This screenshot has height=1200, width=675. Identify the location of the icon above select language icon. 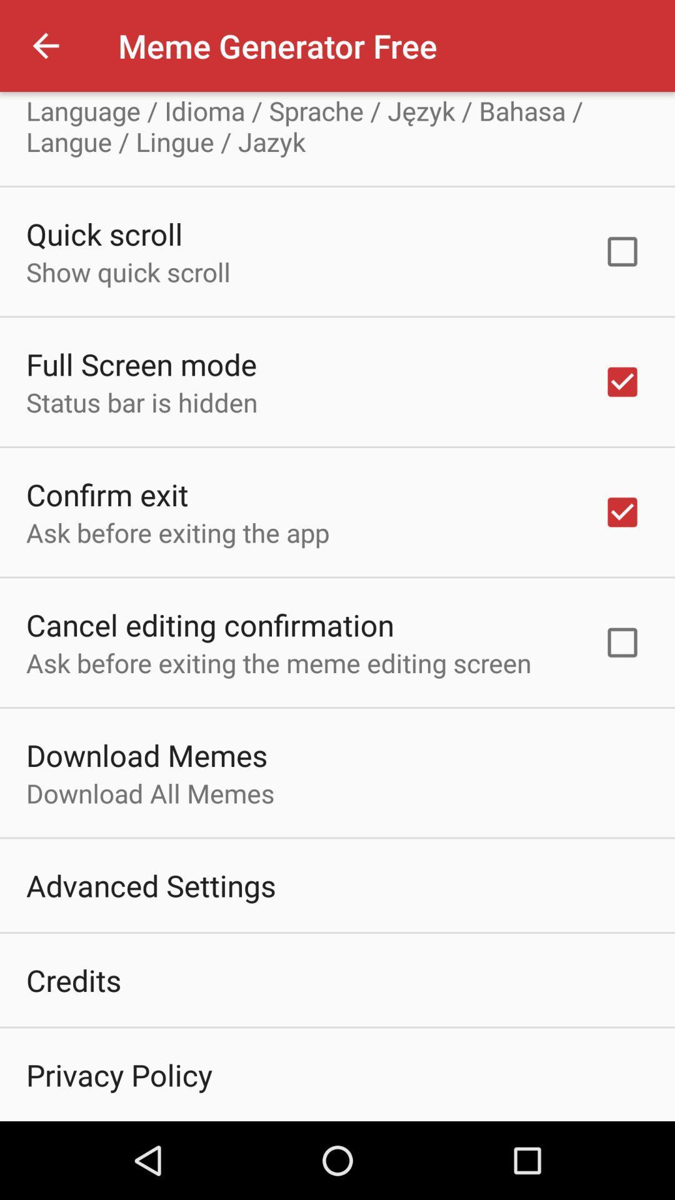
(45, 46).